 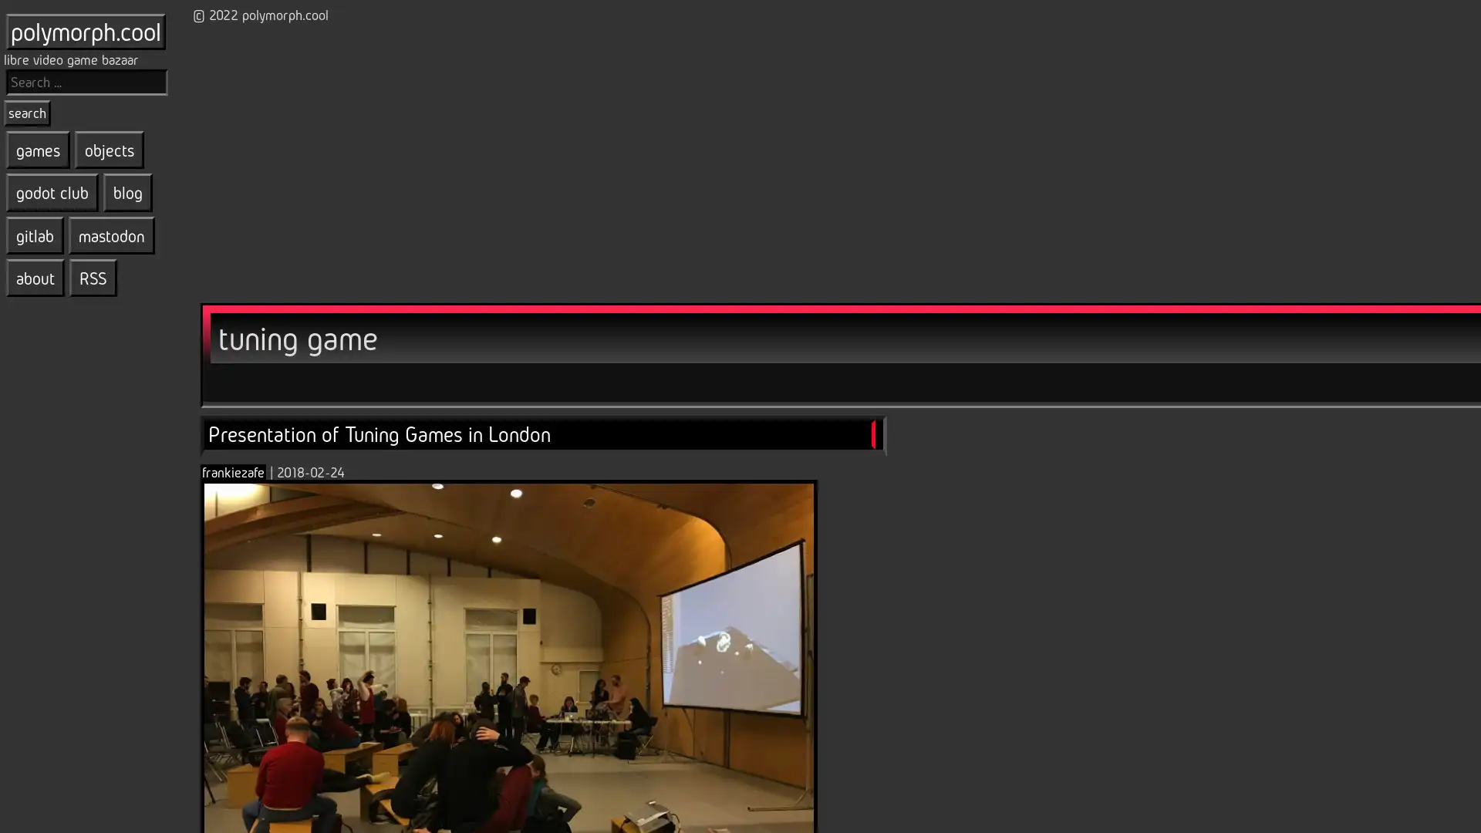 I want to click on Search, so click(x=27, y=112).